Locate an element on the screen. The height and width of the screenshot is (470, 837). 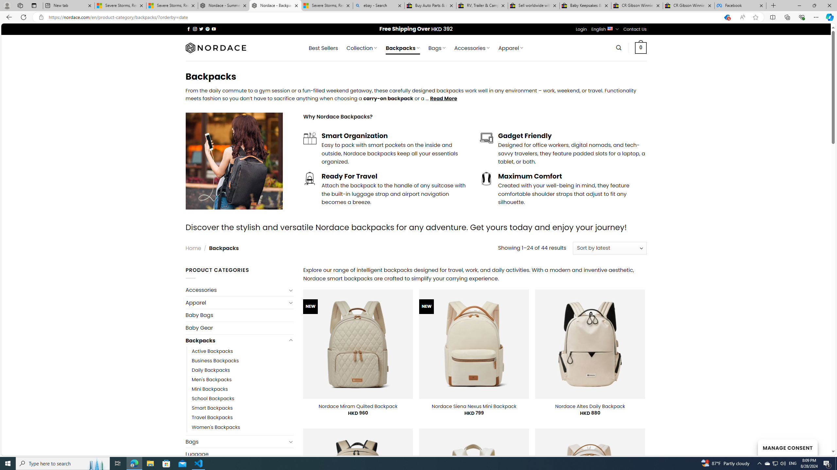
'Login' is located at coordinates (581, 29).